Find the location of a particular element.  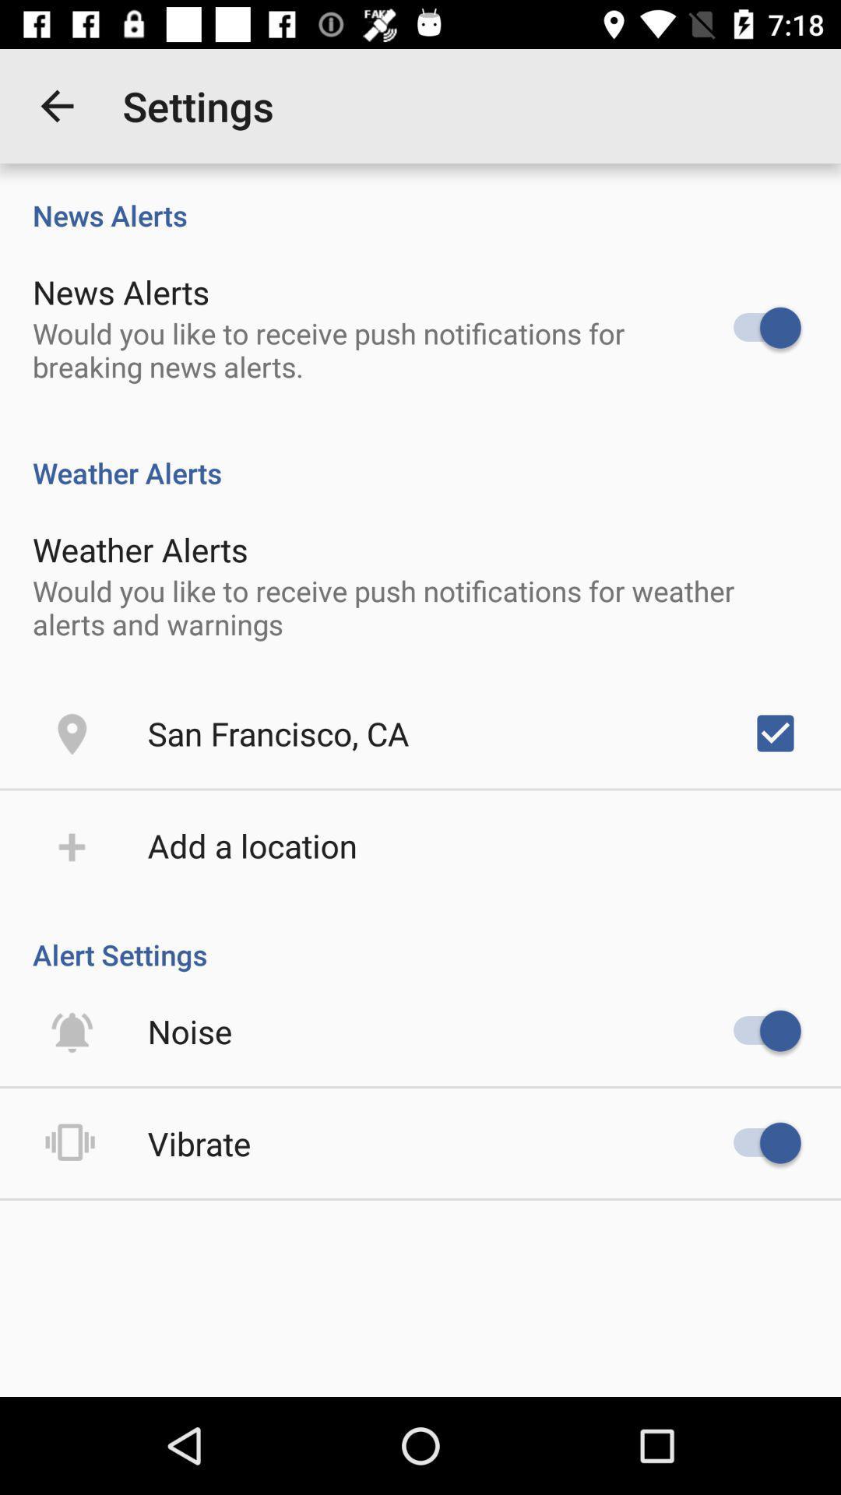

the item below the noise item is located at coordinates (199, 1143).